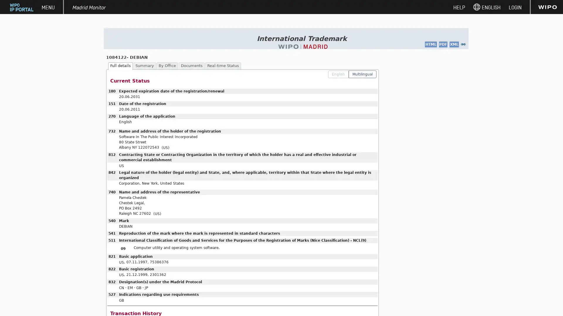 The height and width of the screenshot is (316, 563). What do you see at coordinates (362, 74) in the screenshot?
I see `Multilingual` at bounding box center [362, 74].